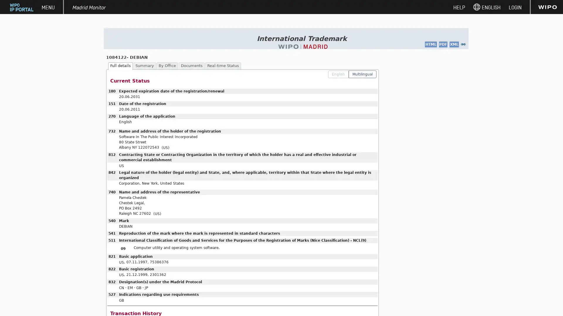 The height and width of the screenshot is (316, 563). What do you see at coordinates (362, 74) in the screenshot?
I see `Multilingual` at bounding box center [362, 74].